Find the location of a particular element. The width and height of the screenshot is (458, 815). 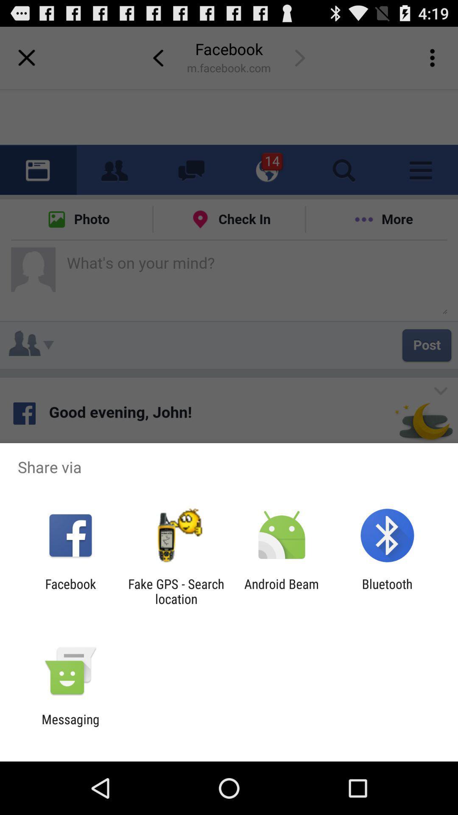

android beam item is located at coordinates (282, 591).